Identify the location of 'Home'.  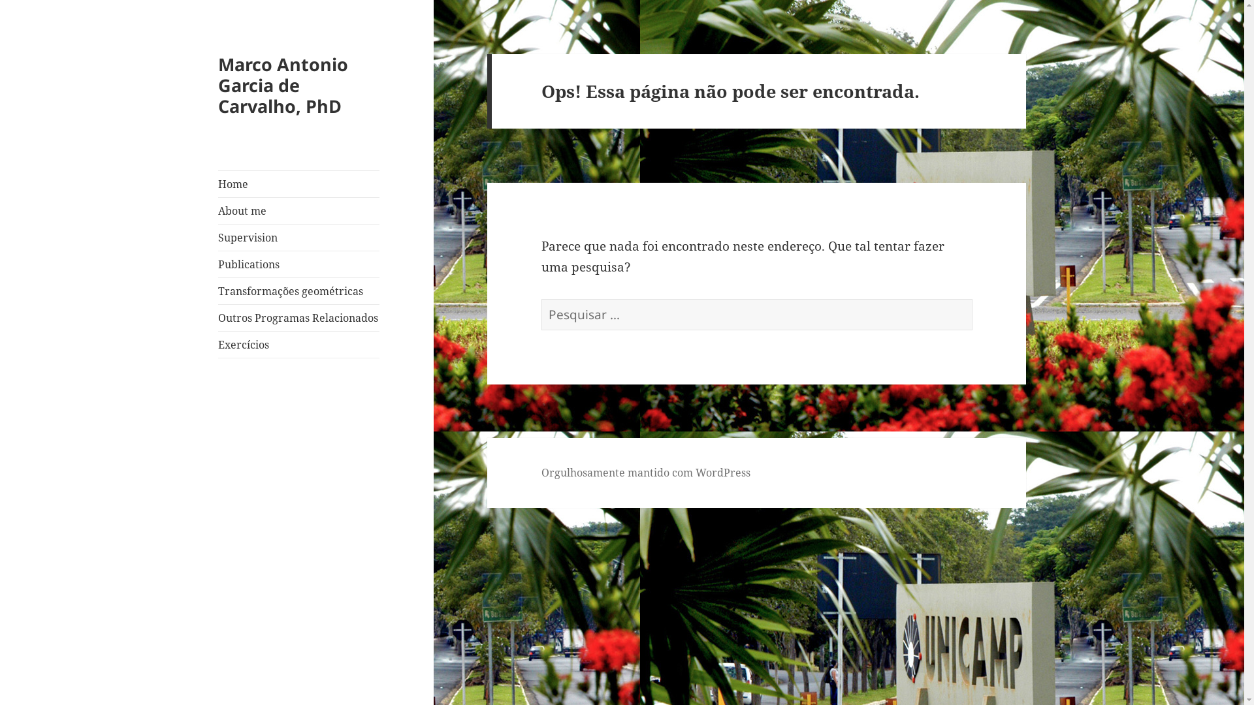
(298, 183).